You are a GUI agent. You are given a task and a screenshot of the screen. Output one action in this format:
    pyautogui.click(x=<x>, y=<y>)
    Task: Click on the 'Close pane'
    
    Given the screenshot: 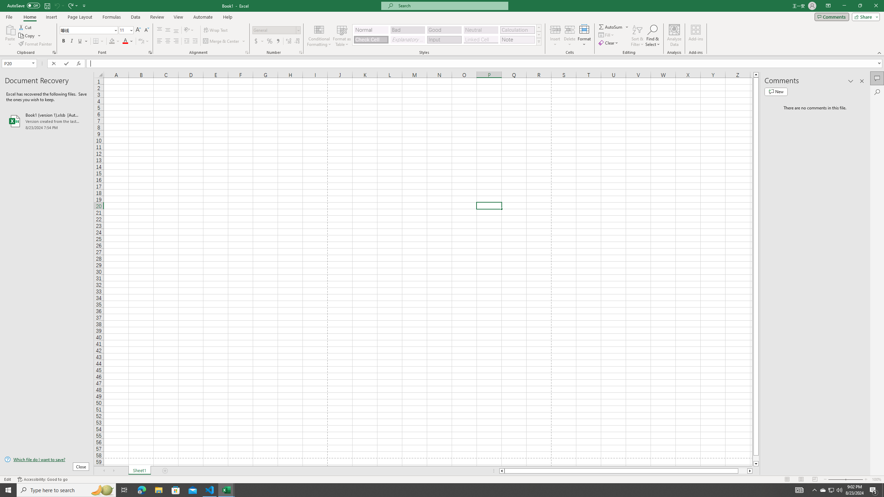 What is the action you would take?
    pyautogui.click(x=862, y=81)
    